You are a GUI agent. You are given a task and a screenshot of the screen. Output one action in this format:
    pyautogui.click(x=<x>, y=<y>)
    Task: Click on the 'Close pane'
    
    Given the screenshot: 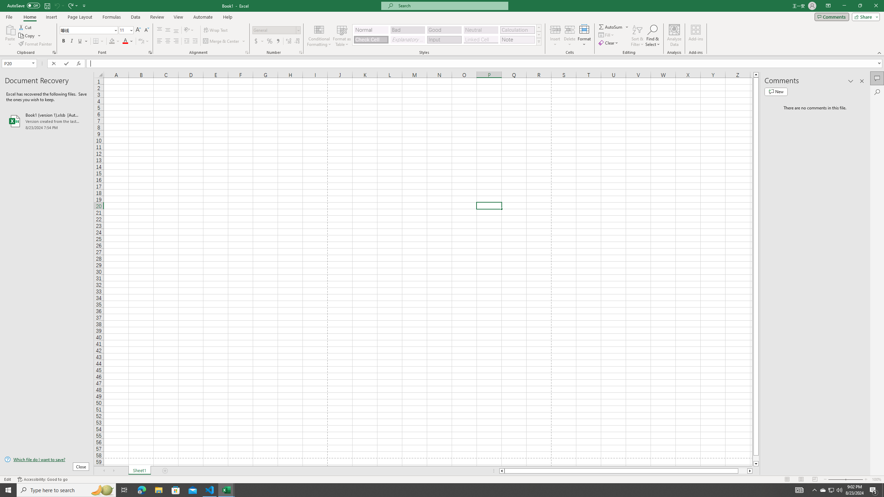 What is the action you would take?
    pyautogui.click(x=862, y=81)
    